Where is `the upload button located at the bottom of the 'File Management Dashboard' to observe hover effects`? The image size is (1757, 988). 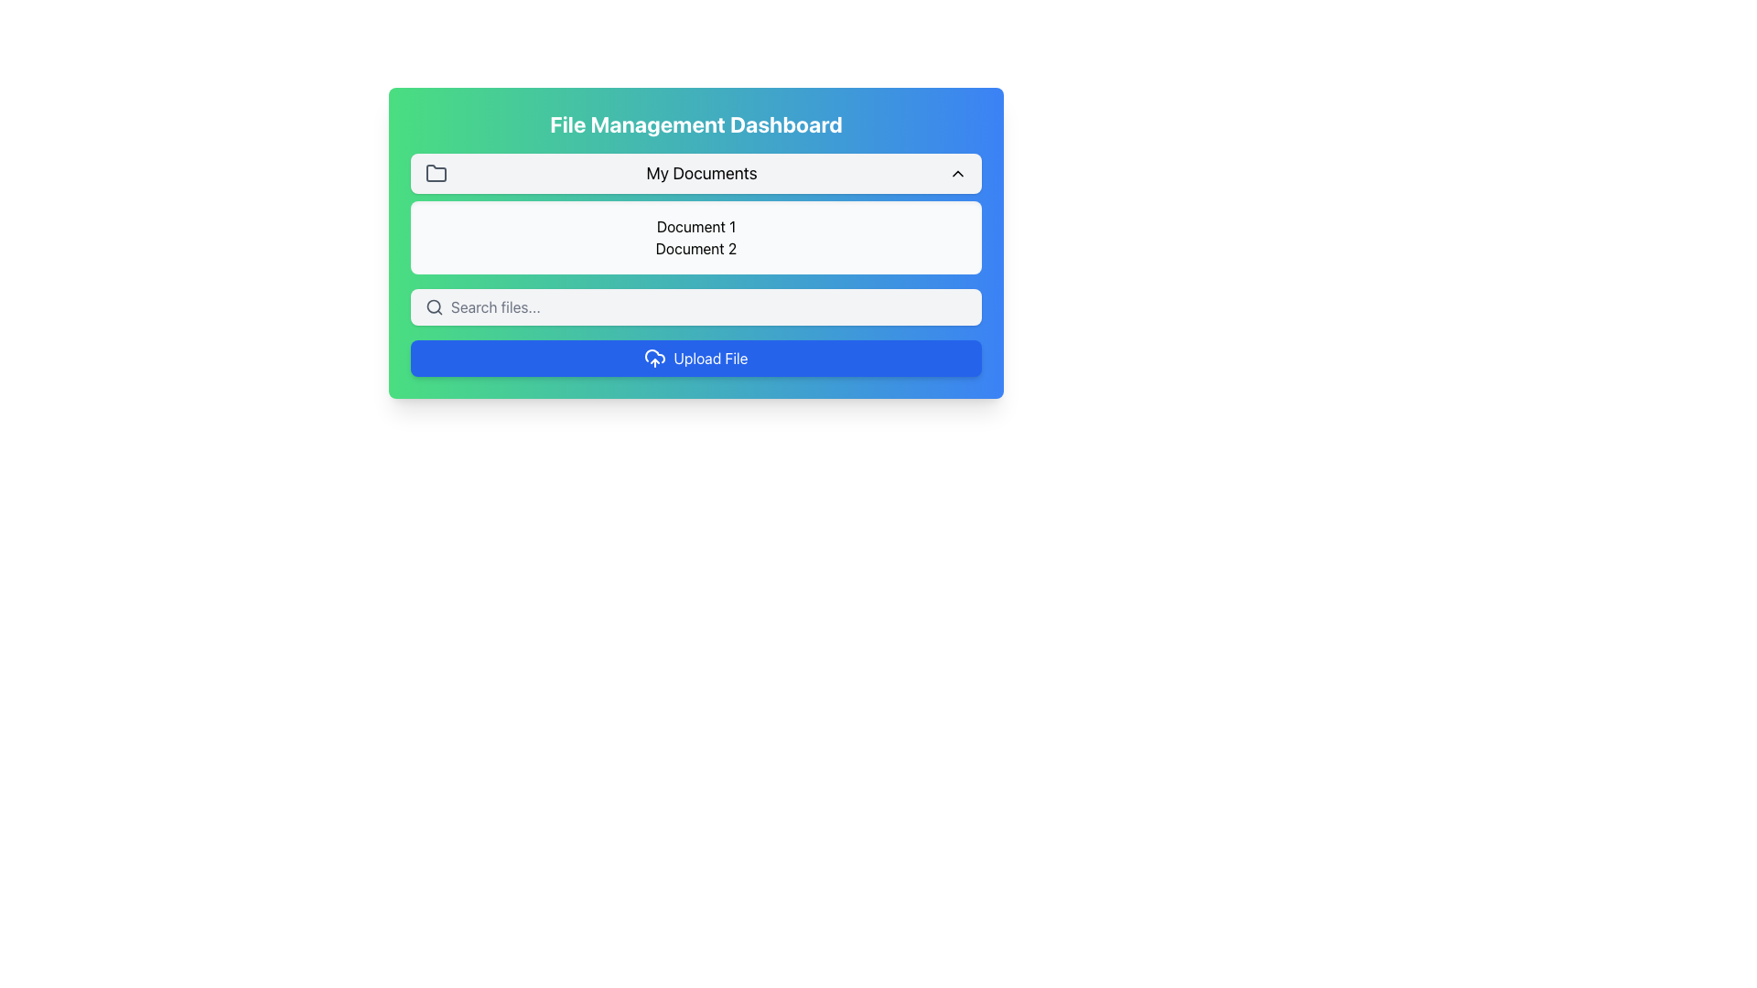 the upload button located at the bottom of the 'File Management Dashboard' to observe hover effects is located at coordinates (695, 359).